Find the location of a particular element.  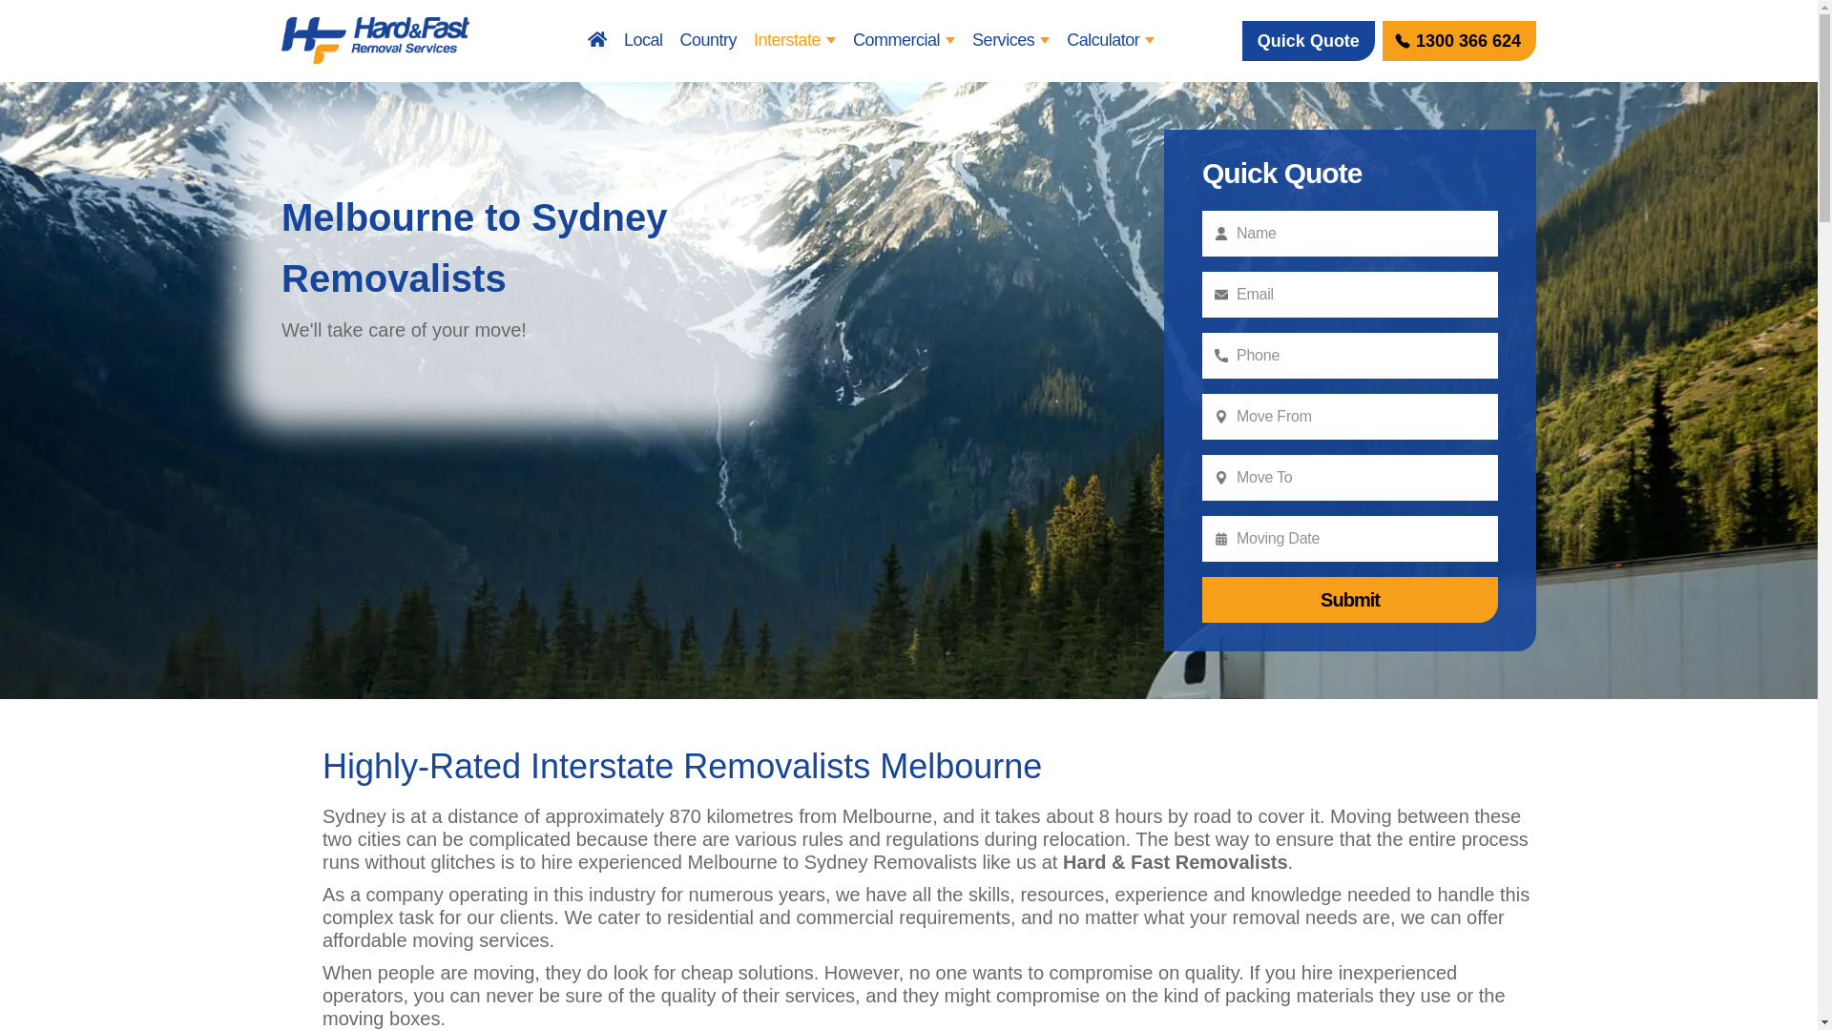

'Submit' is located at coordinates (1349, 598).